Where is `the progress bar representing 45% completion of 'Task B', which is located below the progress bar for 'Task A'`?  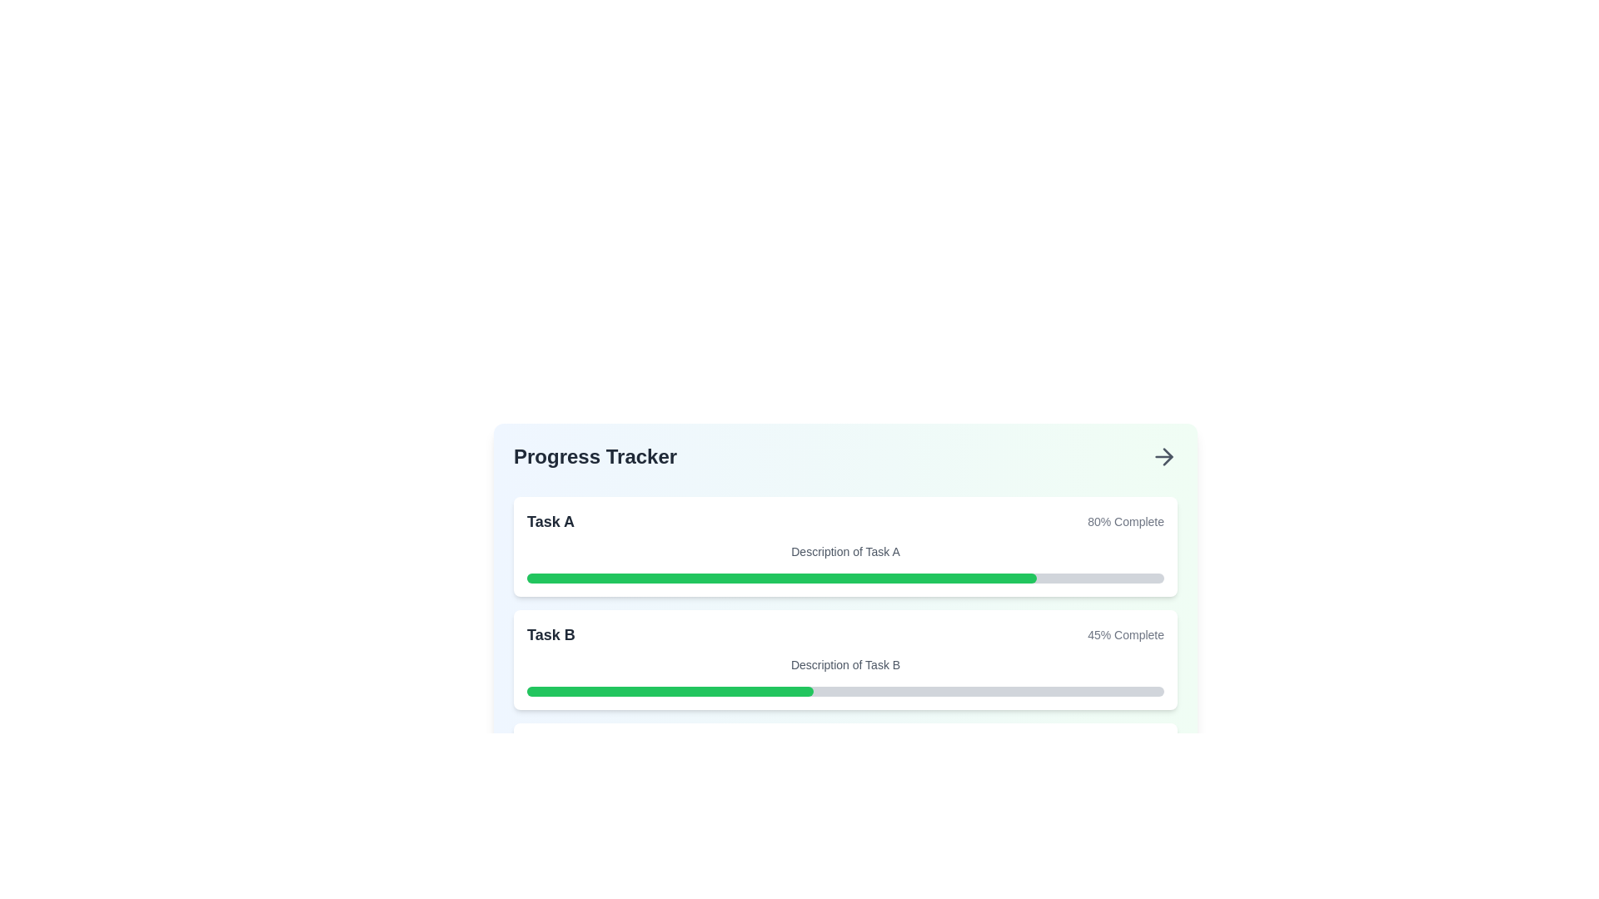
the progress bar representing 45% completion of 'Task B', which is located below the progress bar for 'Task A' is located at coordinates (670, 691).